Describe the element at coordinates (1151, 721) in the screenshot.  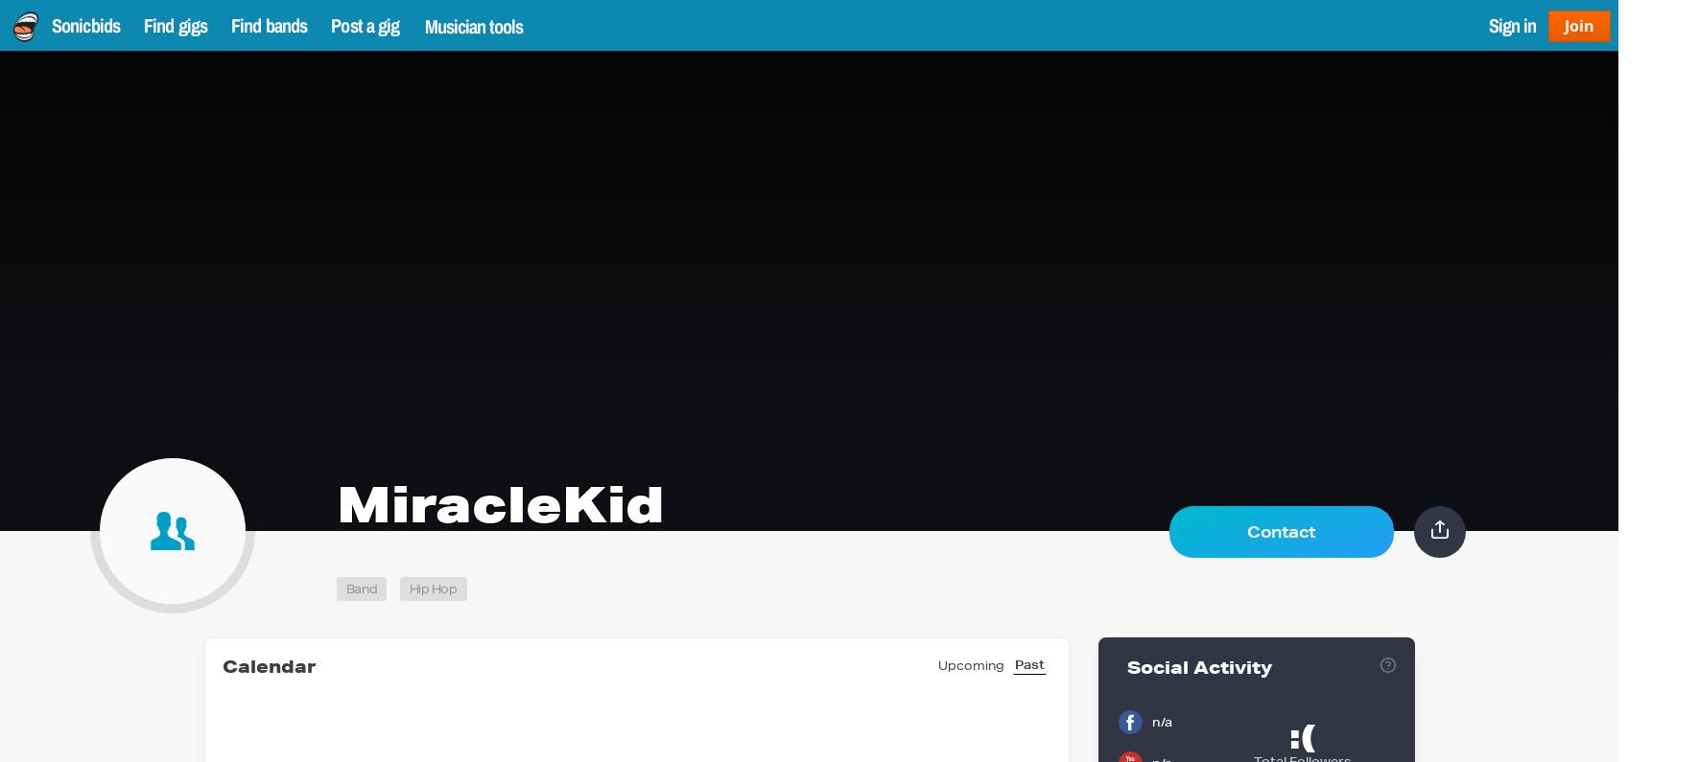
I see `'n/a'` at that location.